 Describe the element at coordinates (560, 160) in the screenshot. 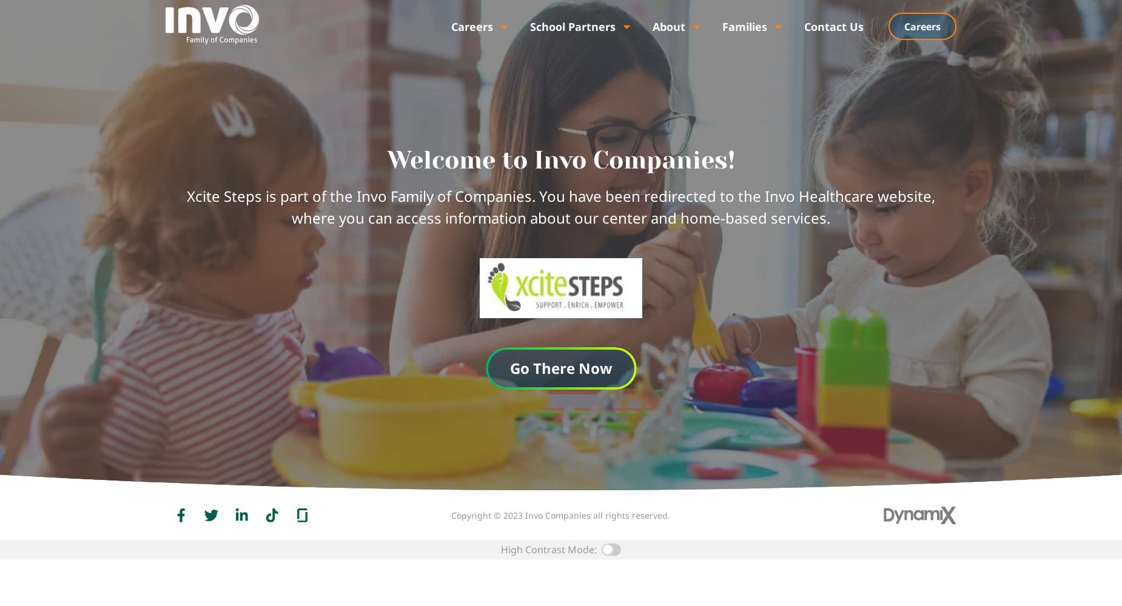

I see `'Welcome to Invo Companies!'` at that location.